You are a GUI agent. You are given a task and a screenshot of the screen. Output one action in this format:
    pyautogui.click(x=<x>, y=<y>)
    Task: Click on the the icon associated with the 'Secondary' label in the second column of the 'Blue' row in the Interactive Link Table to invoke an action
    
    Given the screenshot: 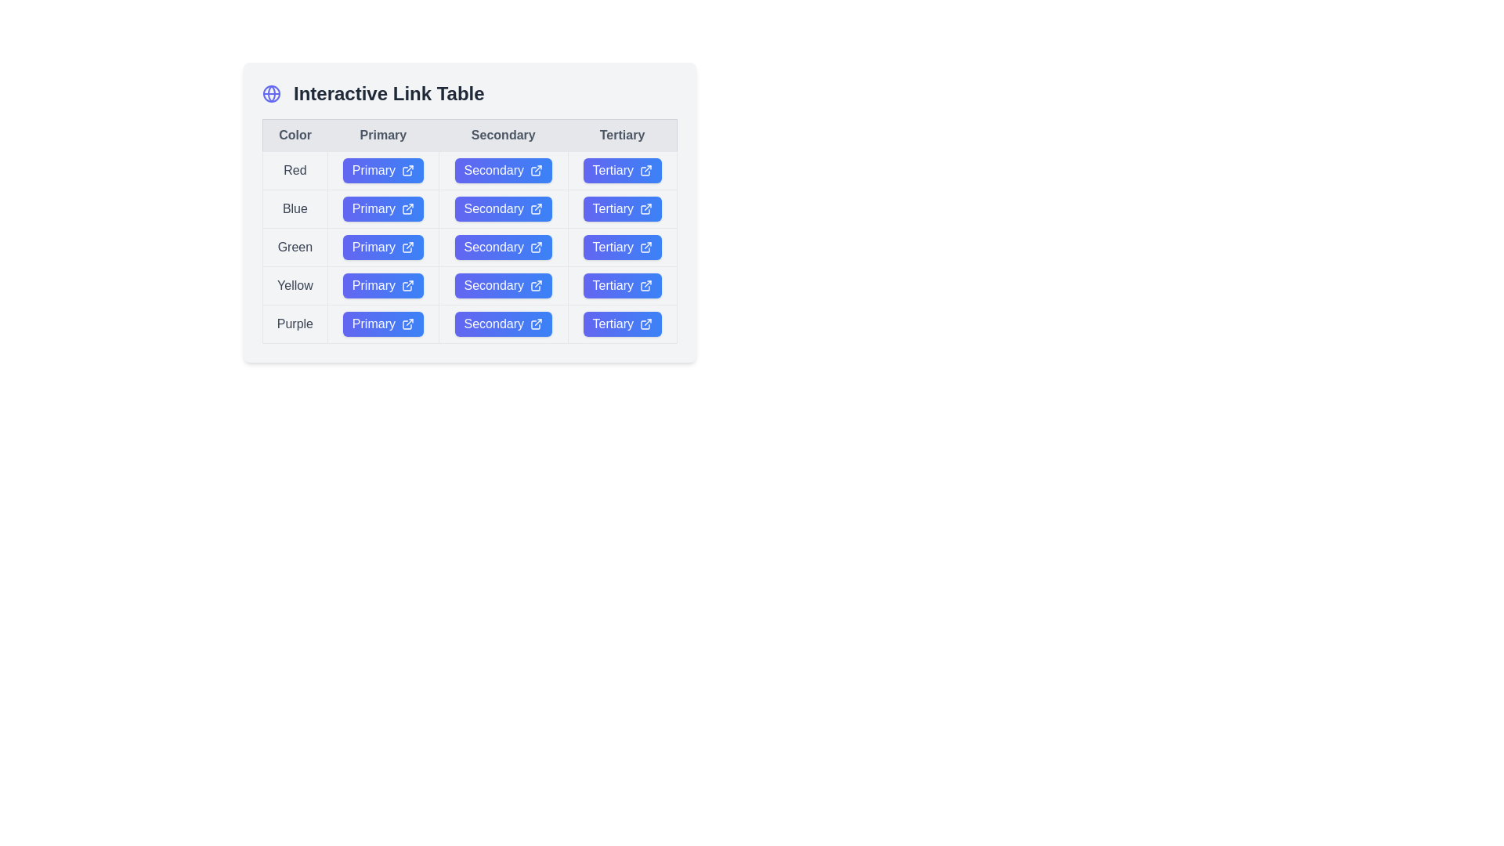 What is the action you would take?
    pyautogui.click(x=537, y=208)
    